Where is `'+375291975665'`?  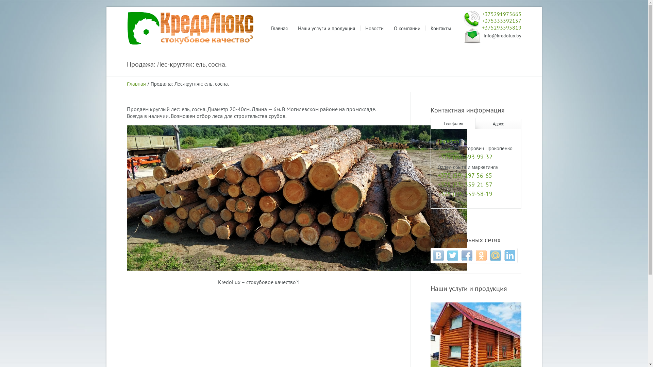 '+375291975665' is located at coordinates (501, 14).